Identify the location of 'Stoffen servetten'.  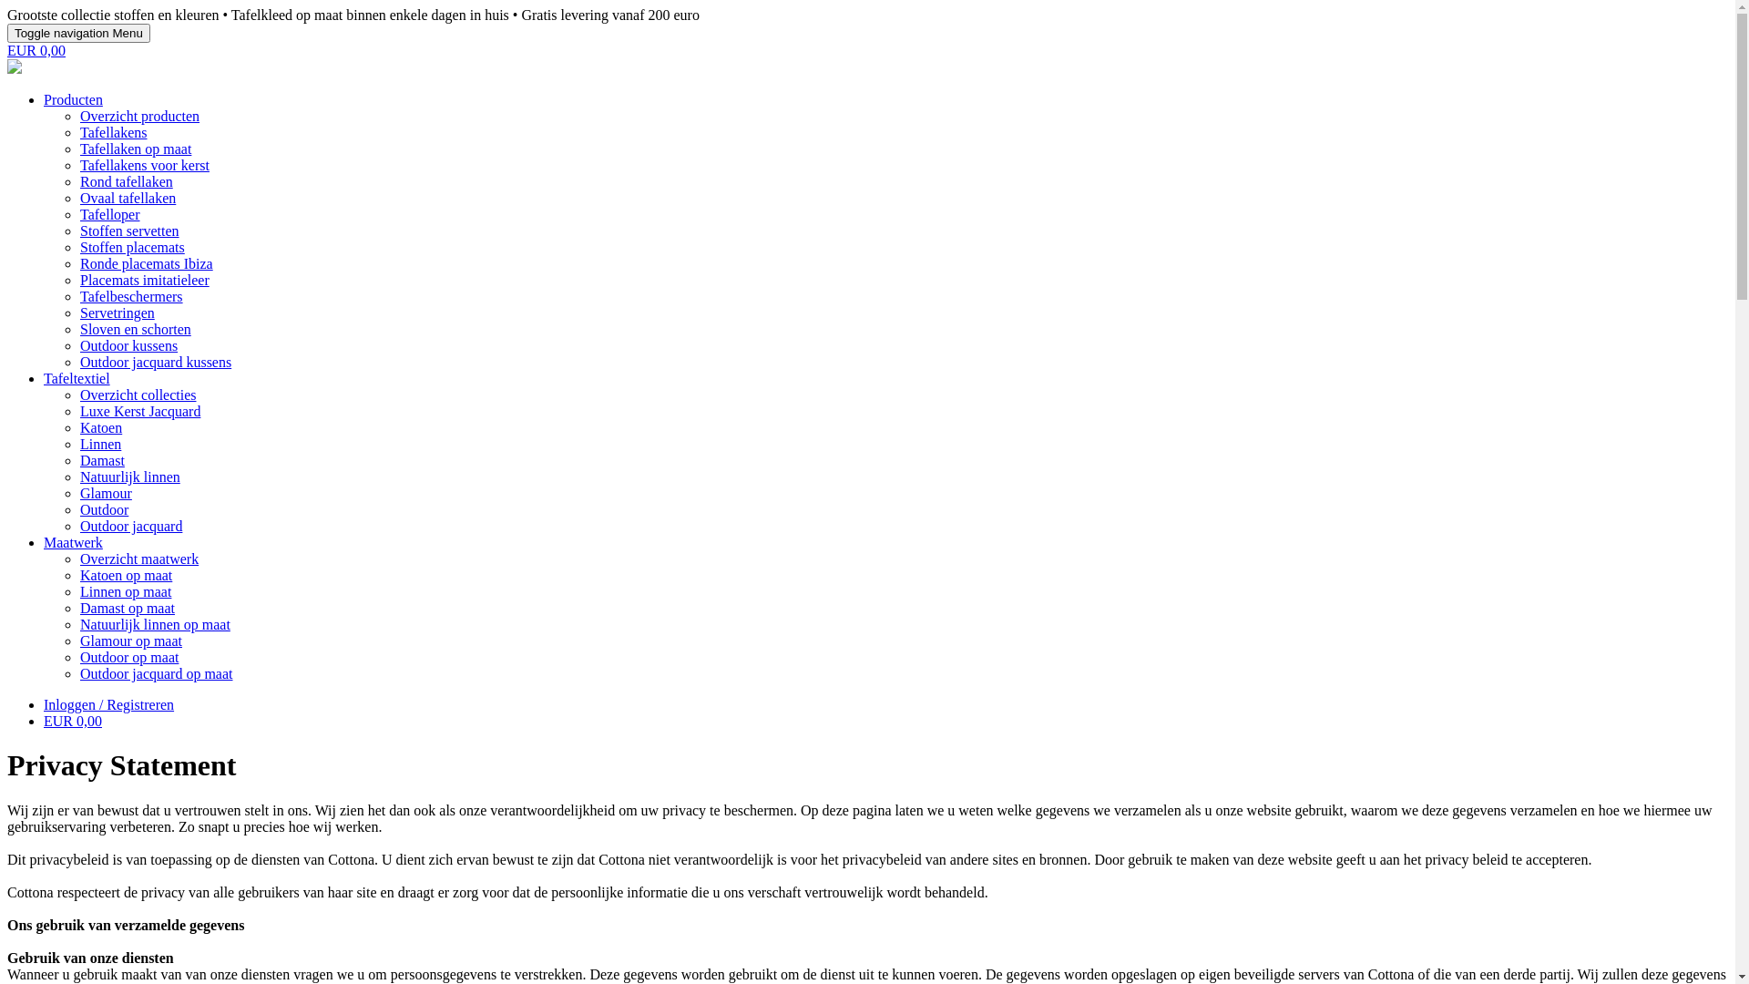
(78, 230).